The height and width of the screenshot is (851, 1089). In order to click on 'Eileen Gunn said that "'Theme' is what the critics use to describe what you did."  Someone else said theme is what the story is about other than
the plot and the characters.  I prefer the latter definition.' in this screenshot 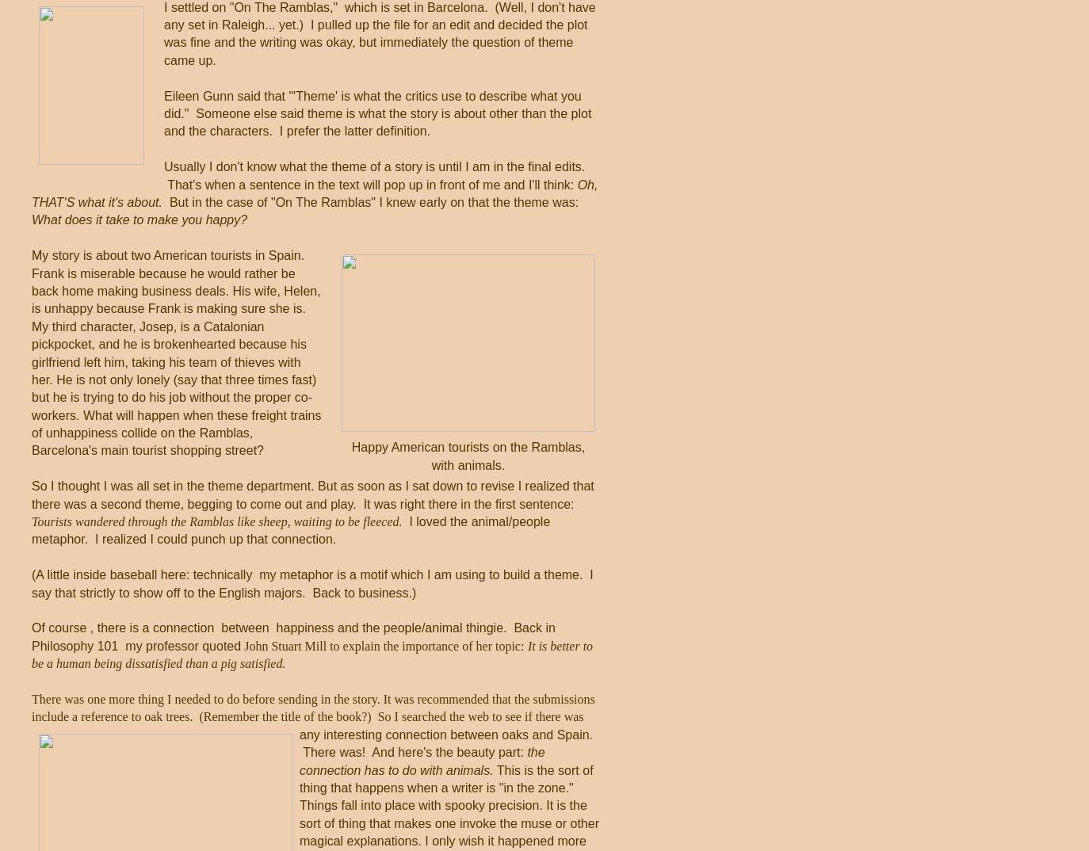, I will do `click(377, 112)`.